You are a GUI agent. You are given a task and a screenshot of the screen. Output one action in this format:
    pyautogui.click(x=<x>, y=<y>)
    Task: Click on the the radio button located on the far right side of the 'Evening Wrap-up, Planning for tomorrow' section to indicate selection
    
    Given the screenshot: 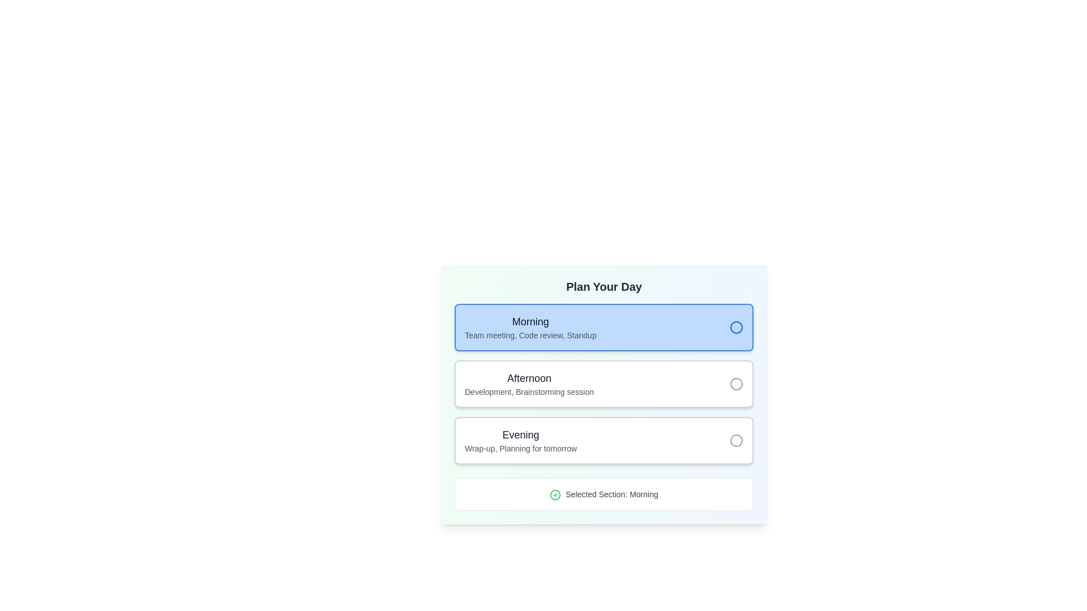 What is the action you would take?
    pyautogui.click(x=736, y=440)
    